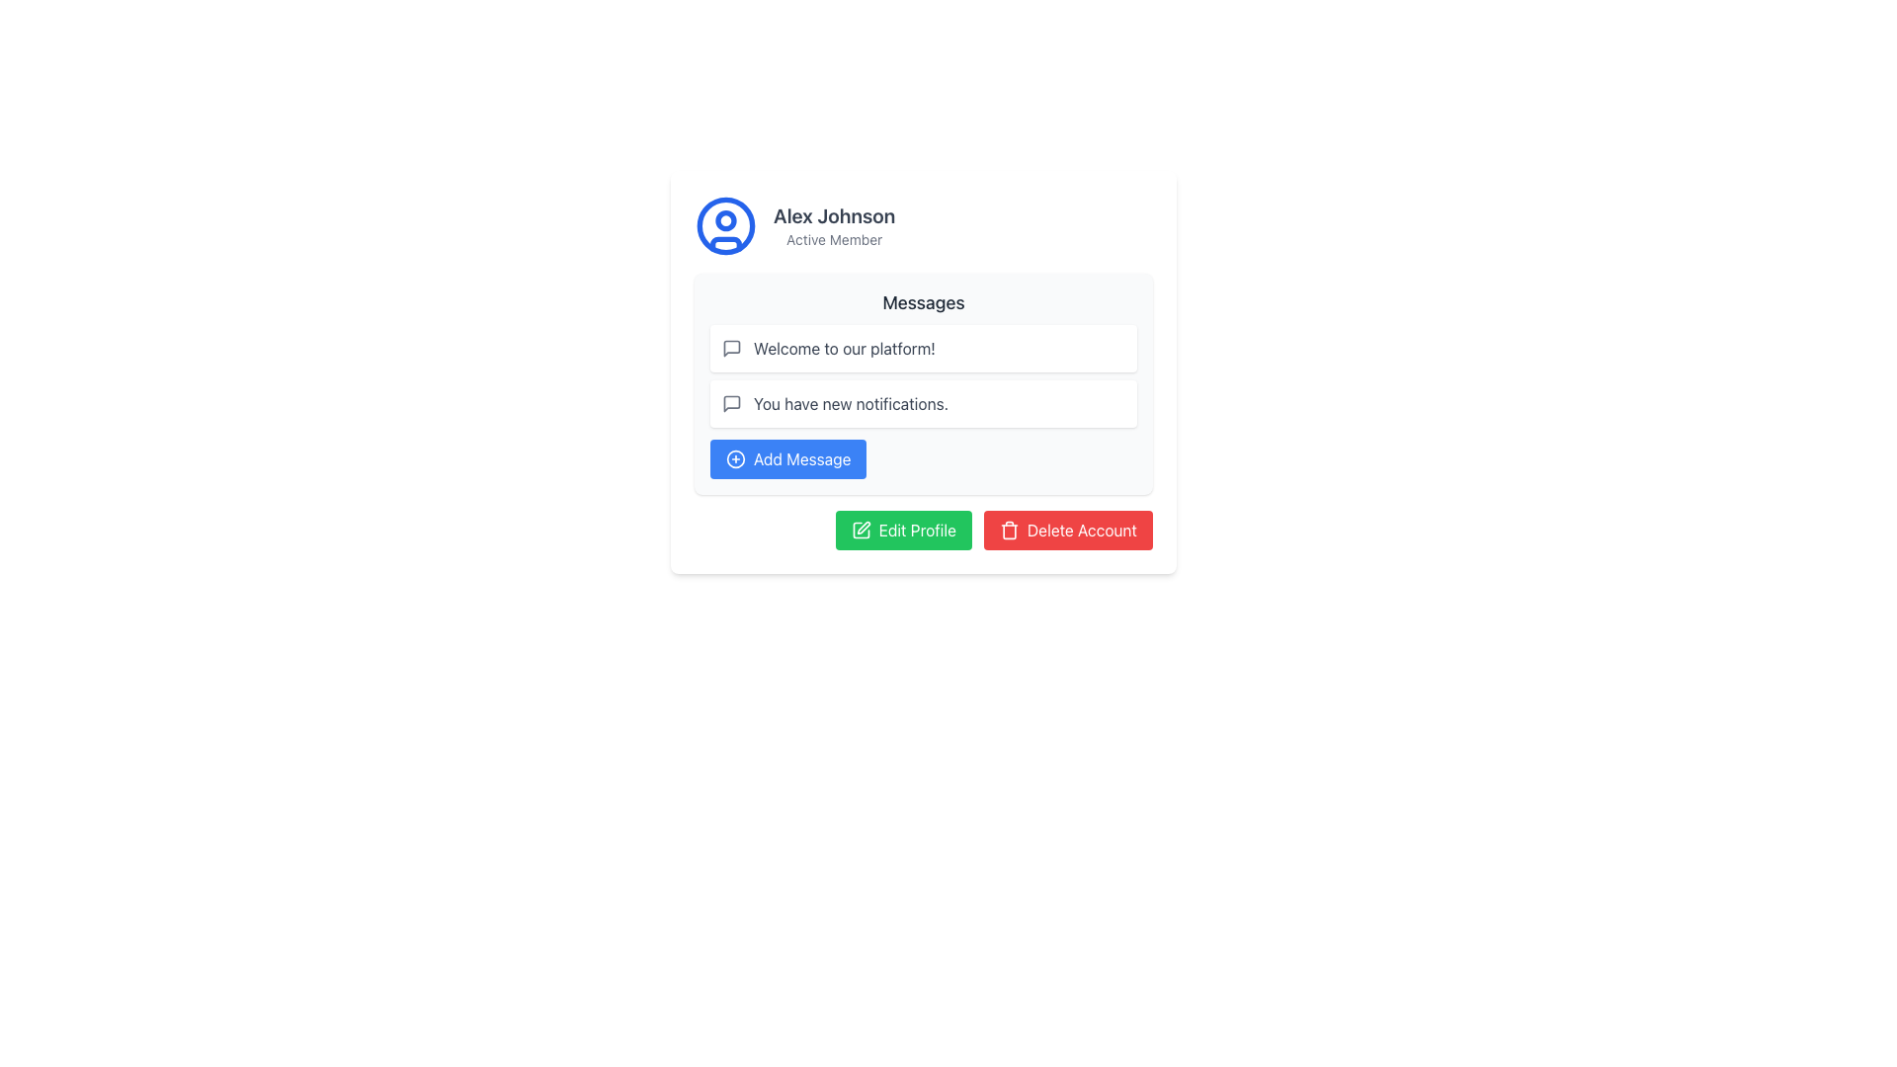 Image resolution: width=1897 pixels, height=1067 pixels. What do you see at coordinates (734, 459) in the screenshot?
I see `the 'Add Message' button, which is a blue button located to the right of the circular button icon with a plus symbol` at bounding box center [734, 459].